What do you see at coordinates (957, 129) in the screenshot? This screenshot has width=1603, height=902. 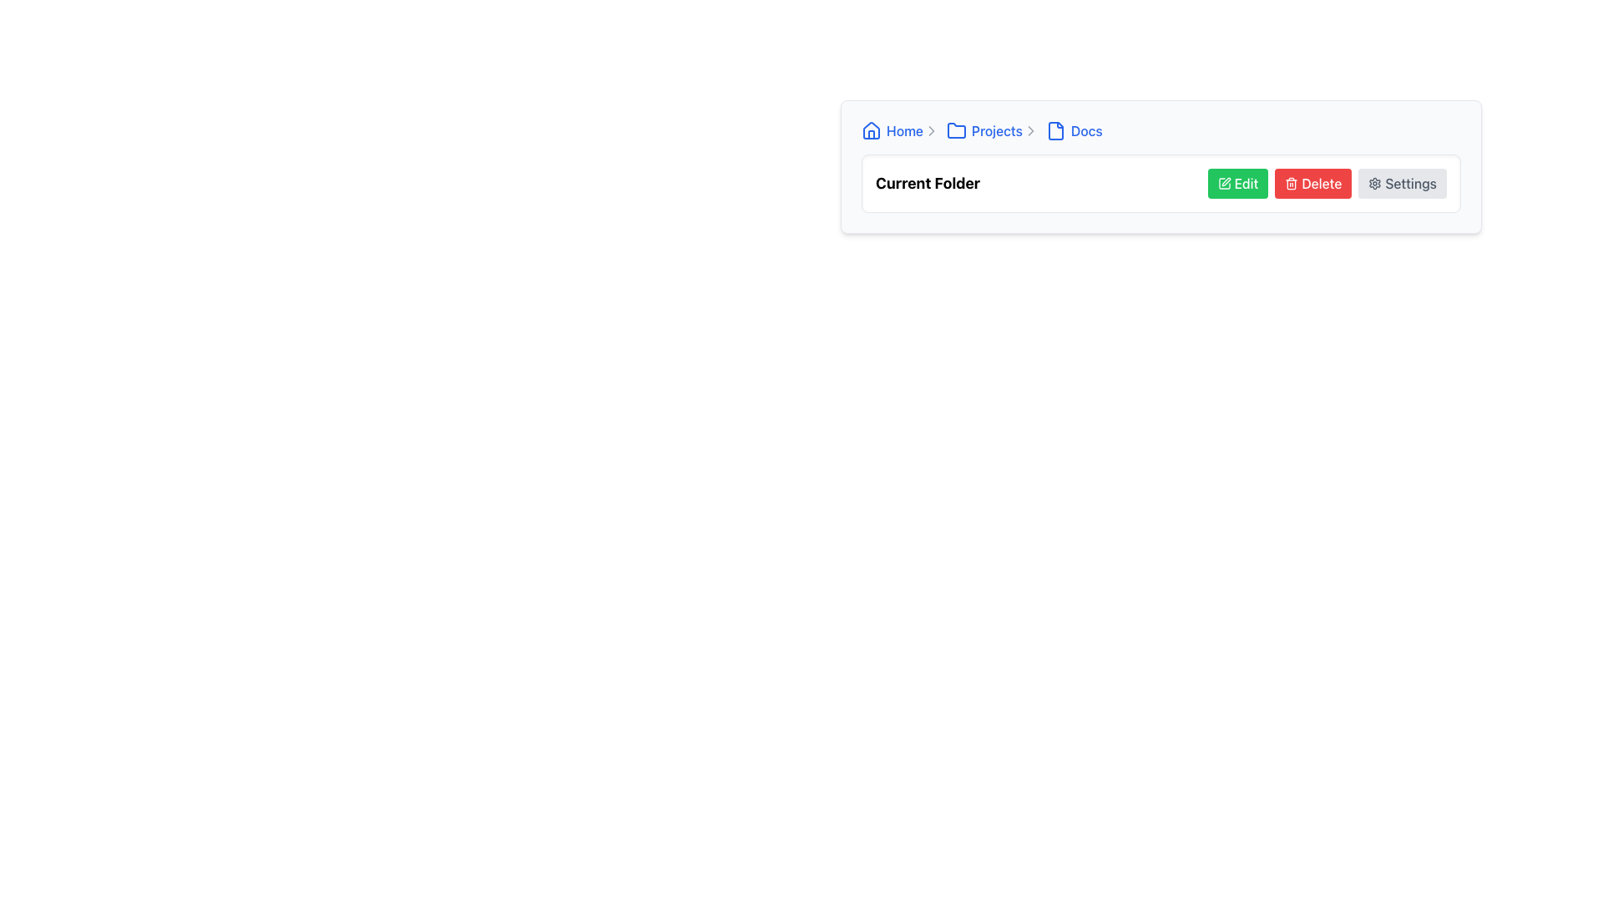 I see `the 'Projects' folder icon, which is a blue folder icon with a rectangular bottom and a raised left top edge, located in the breadcrumb navigation as the second icon` at bounding box center [957, 129].